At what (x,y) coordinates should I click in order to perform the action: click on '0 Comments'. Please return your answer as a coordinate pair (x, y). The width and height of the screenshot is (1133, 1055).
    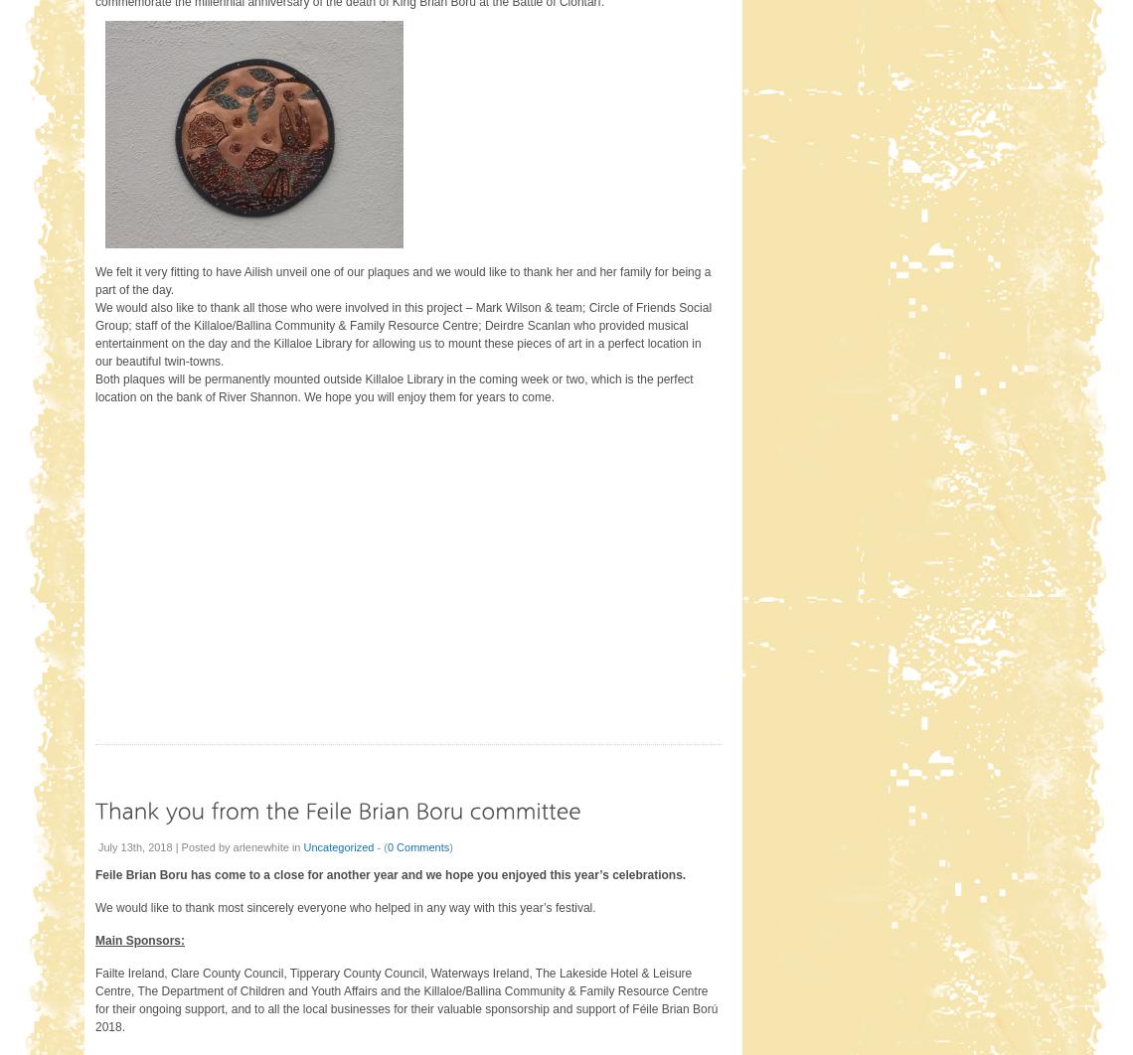
    Looking at the image, I should click on (416, 845).